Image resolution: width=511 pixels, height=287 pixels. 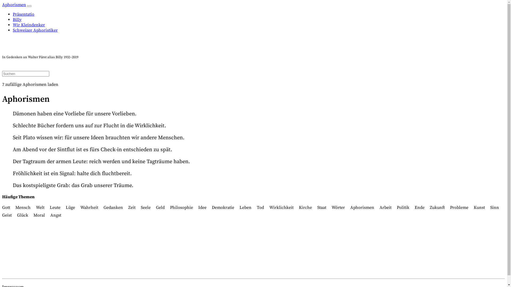 I want to click on 'Kunst', so click(x=479, y=207).